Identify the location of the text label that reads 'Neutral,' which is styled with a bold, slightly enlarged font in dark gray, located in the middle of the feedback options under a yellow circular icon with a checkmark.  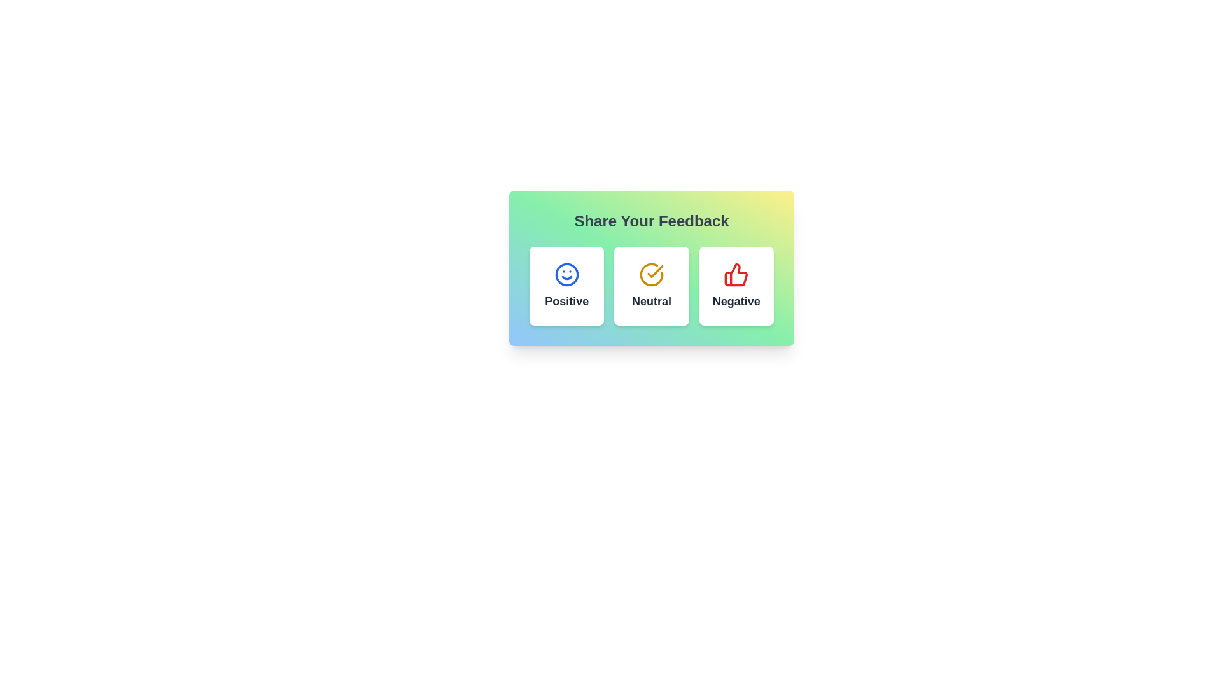
(651, 302).